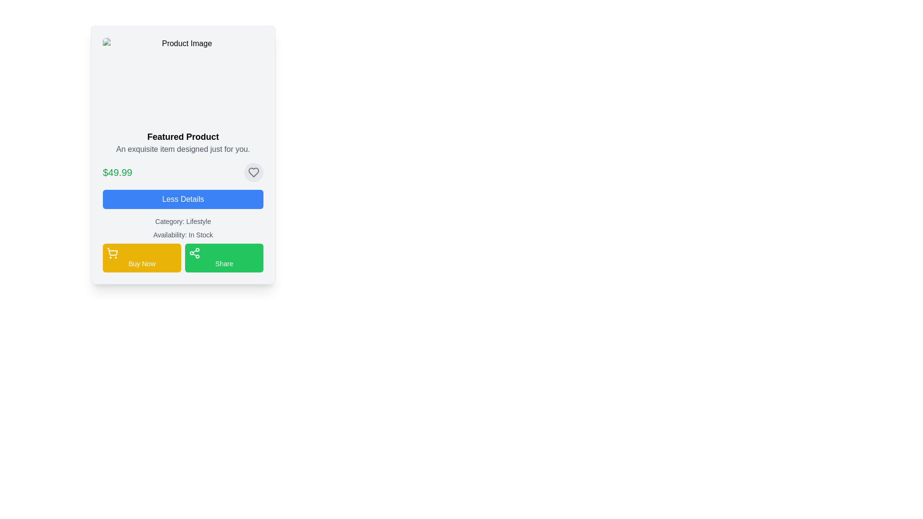  What do you see at coordinates (254, 172) in the screenshot?
I see `the favorite button located to the right of the price label '$49.99'` at bounding box center [254, 172].